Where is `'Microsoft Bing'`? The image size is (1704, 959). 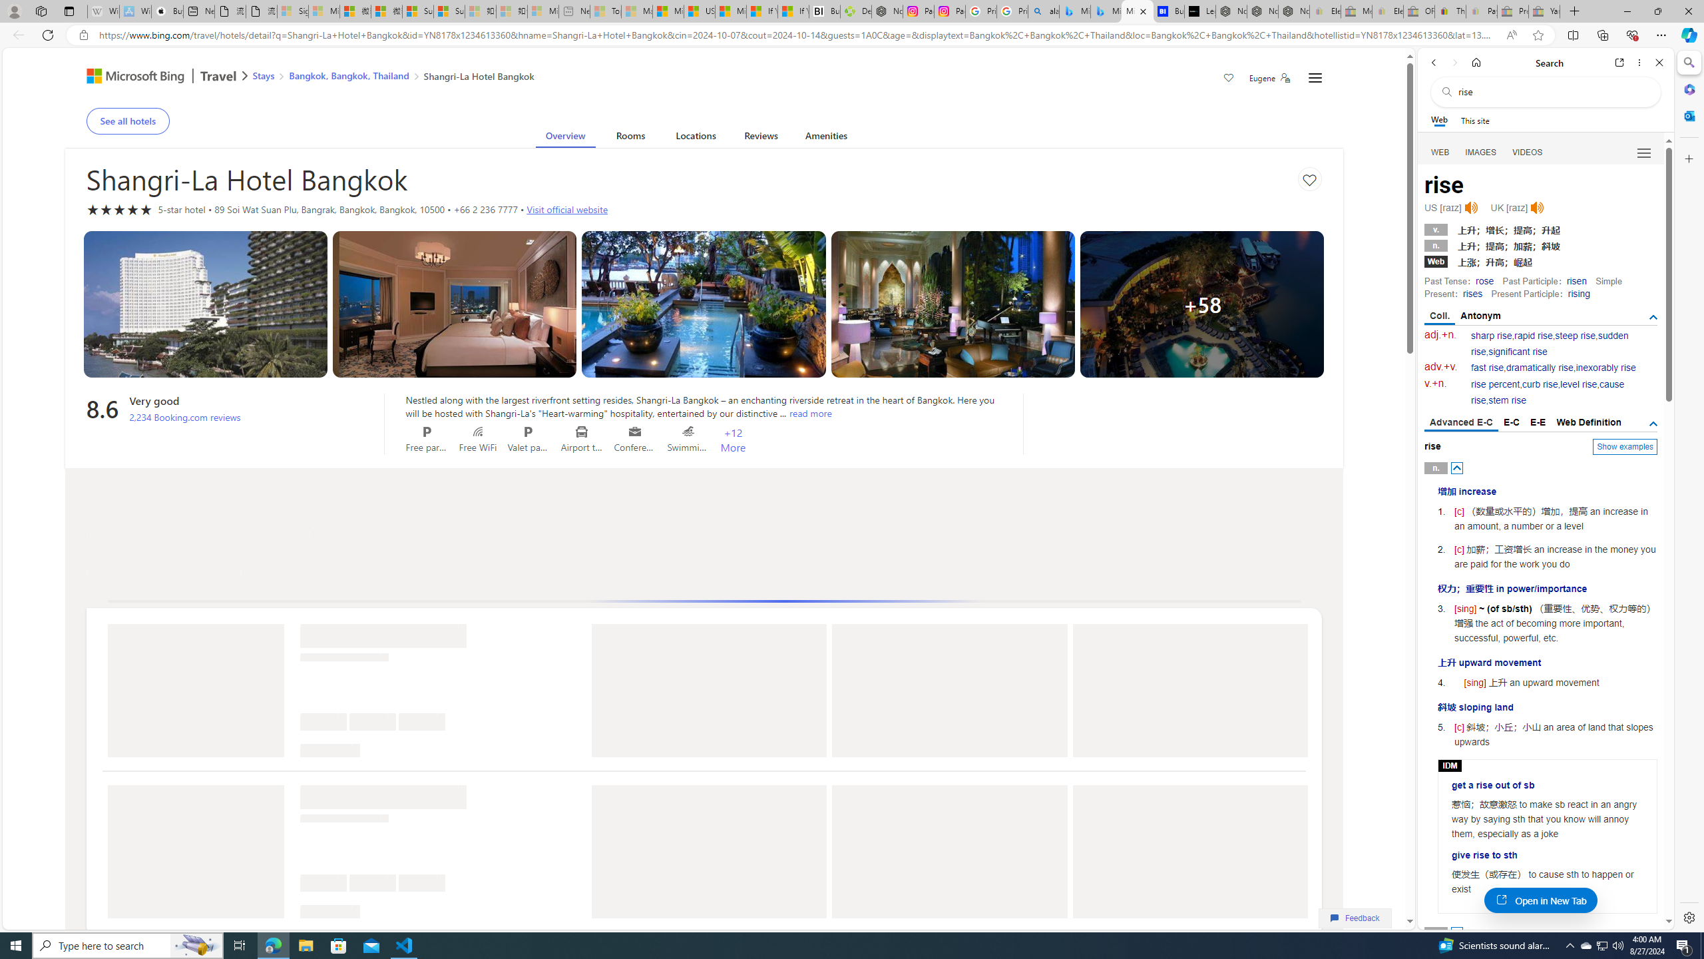 'Microsoft Bing' is located at coordinates (128, 77).